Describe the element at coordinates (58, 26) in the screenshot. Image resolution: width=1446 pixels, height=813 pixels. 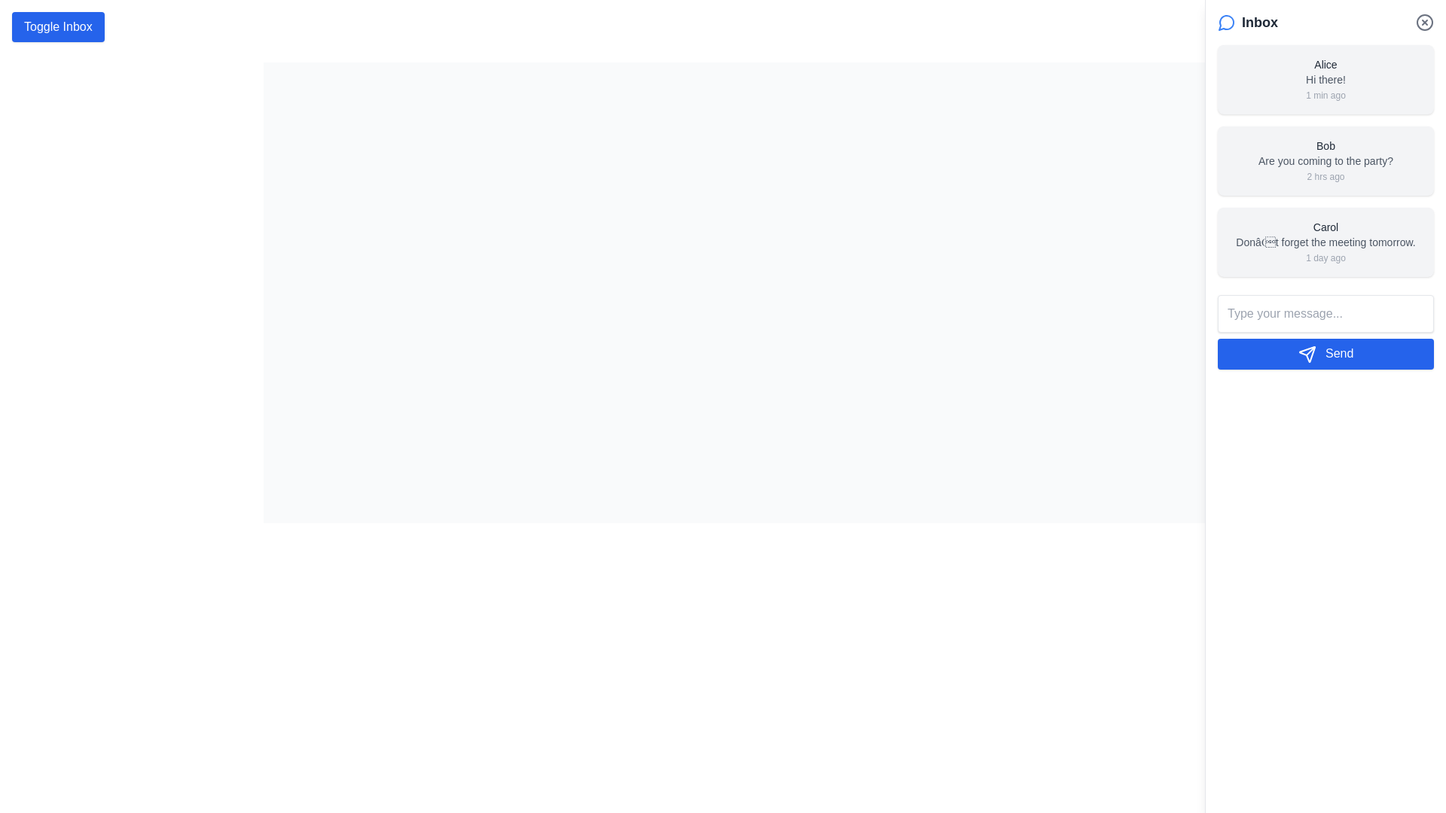
I see `the toggle button that changes the visibility of the inbox section to change its background color` at that location.